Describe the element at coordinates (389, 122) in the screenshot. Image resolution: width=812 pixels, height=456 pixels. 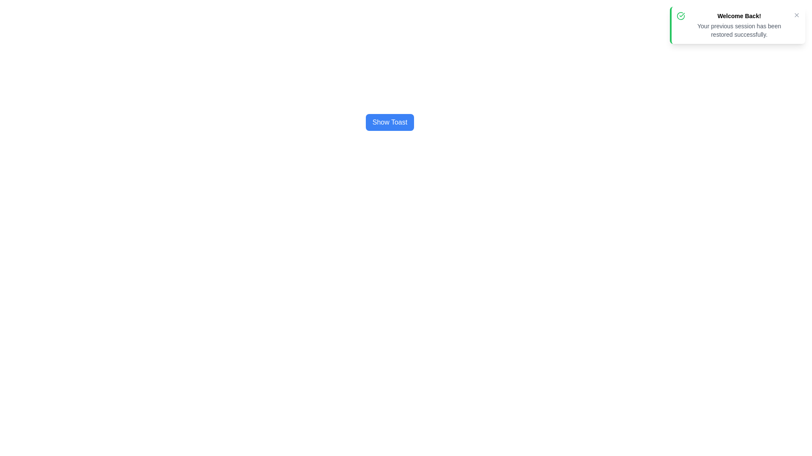
I see `the blue rectangular button with white text saying 'Show Toast'` at that location.